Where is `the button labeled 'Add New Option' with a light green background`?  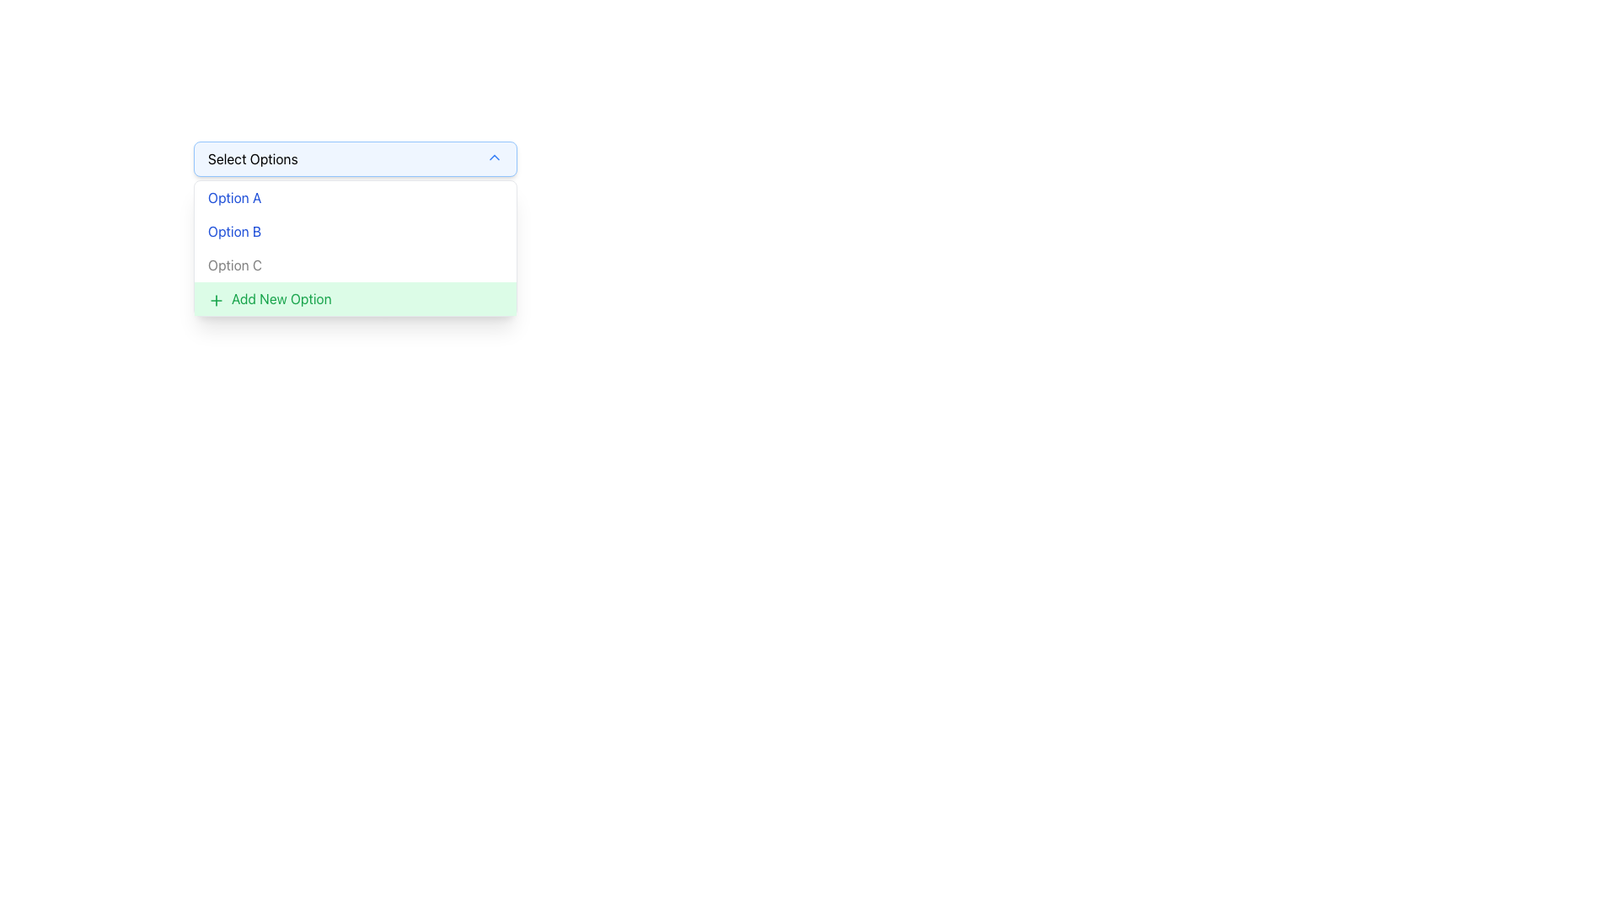
the button labeled 'Add New Option' with a light green background is located at coordinates (355, 297).